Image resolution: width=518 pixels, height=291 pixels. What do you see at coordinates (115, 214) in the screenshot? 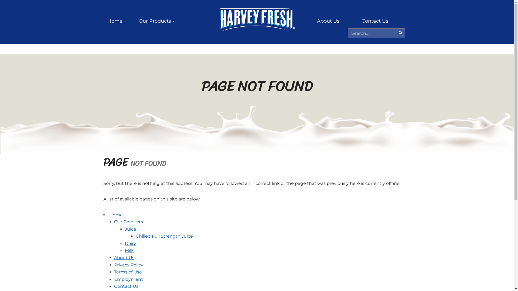
I see `'Home'` at bounding box center [115, 214].